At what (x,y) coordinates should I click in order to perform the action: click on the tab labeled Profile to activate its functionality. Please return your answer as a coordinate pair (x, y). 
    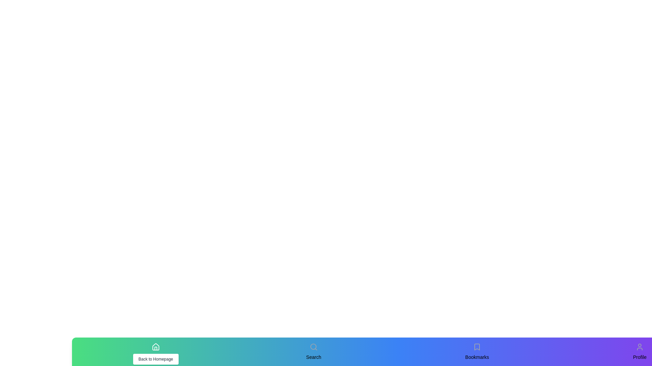
    Looking at the image, I should click on (639, 347).